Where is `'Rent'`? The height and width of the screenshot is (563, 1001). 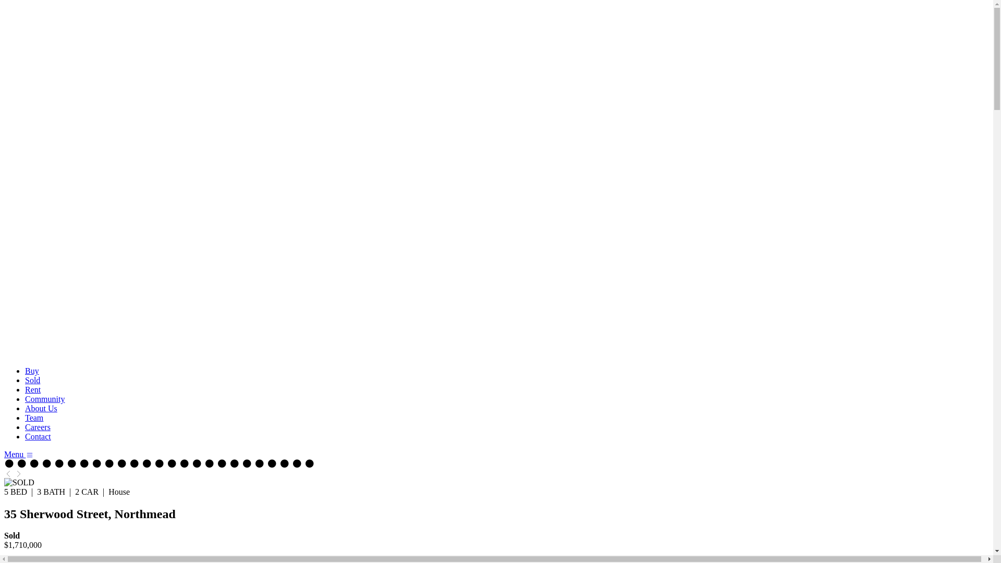 'Rent' is located at coordinates (32, 389).